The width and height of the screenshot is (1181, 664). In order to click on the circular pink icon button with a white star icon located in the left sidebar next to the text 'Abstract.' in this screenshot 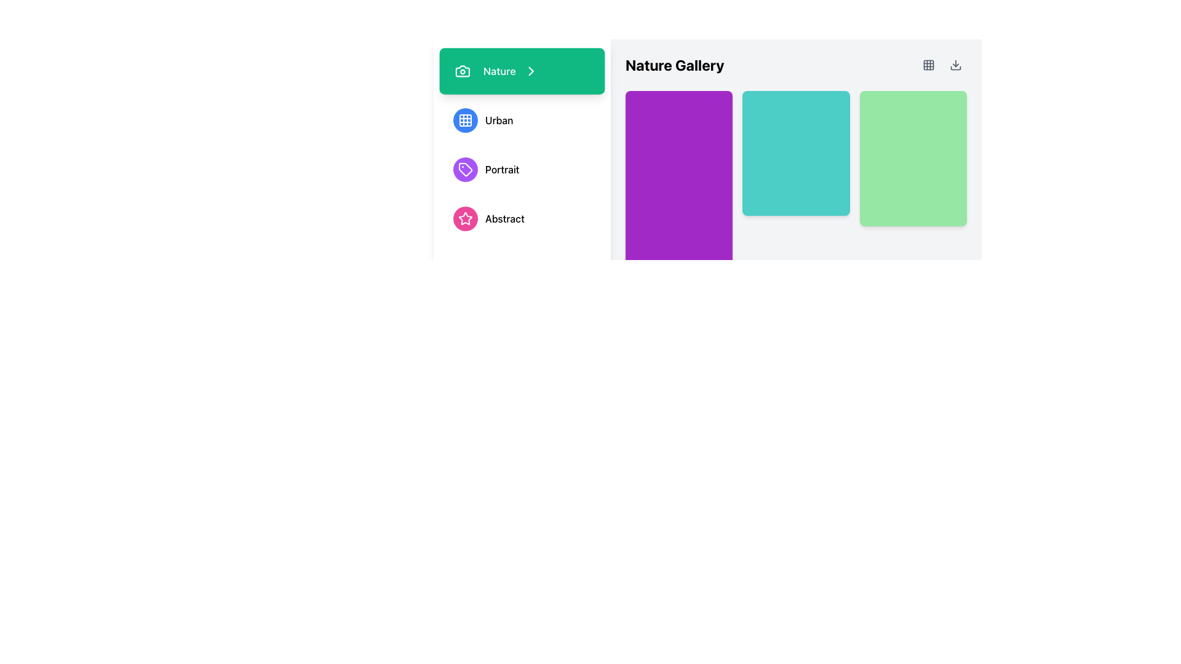, I will do `click(465, 218)`.